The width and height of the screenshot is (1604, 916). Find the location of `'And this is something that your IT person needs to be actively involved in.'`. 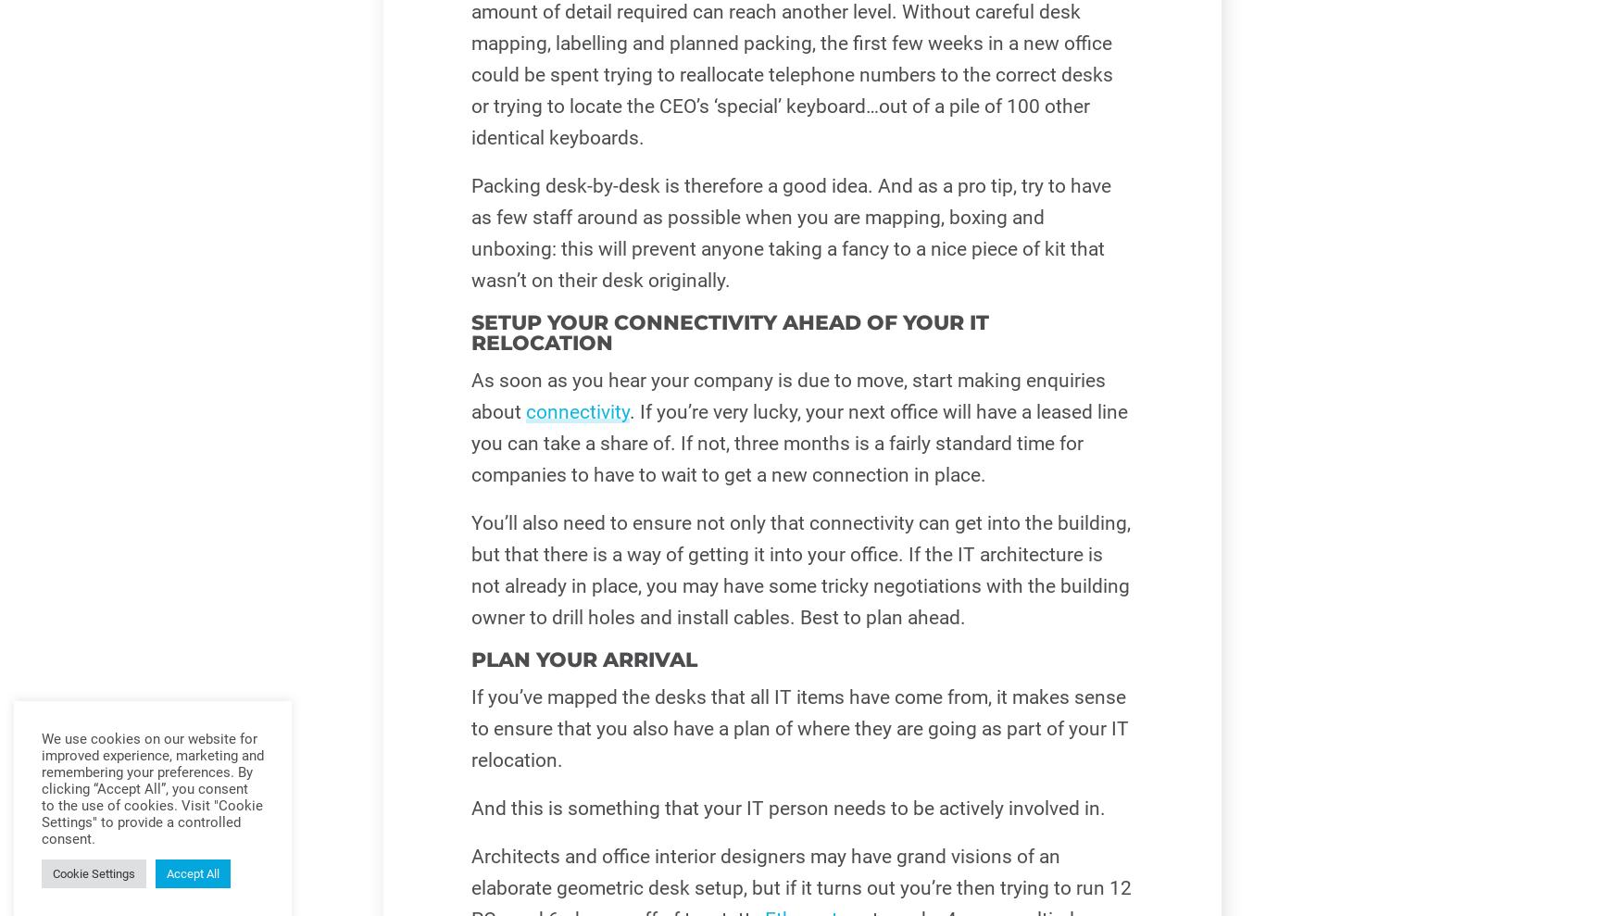

'And this is something that your IT person needs to be actively involved in.' is located at coordinates (786, 808).